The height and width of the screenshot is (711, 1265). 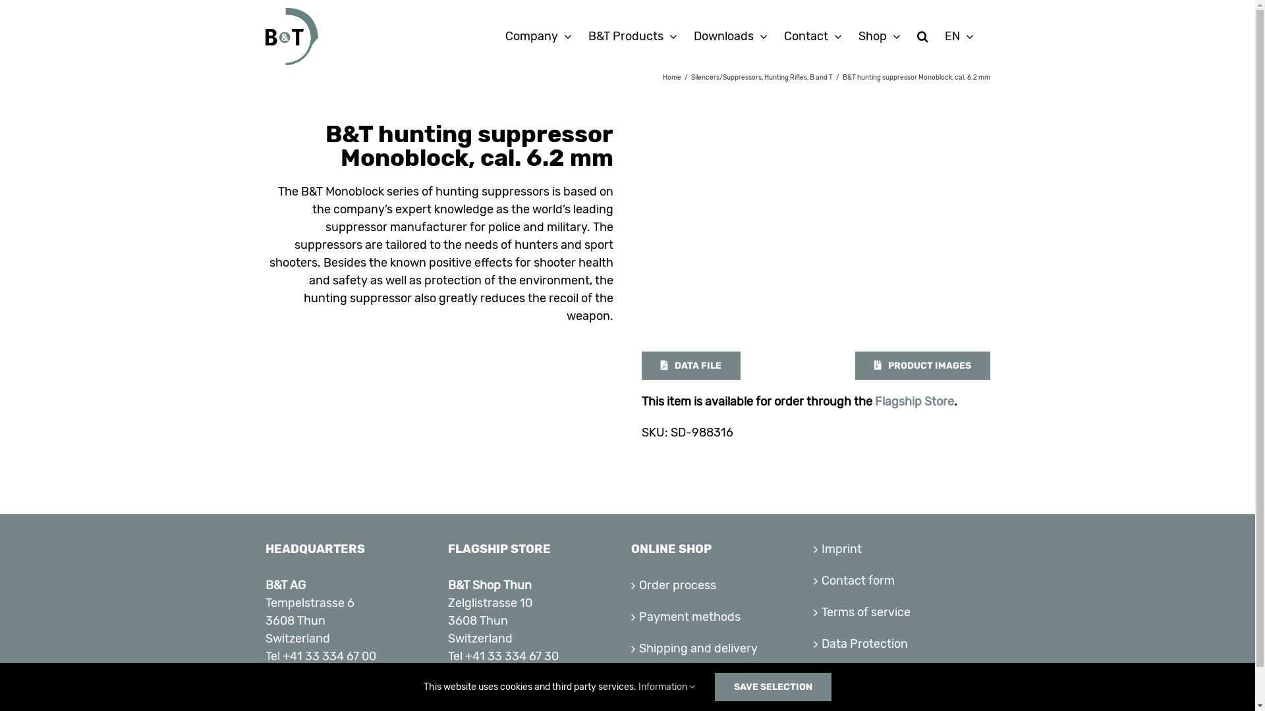 What do you see at coordinates (812, 35) in the screenshot?
I see `'Contact'` at bounding box center [812, 35].